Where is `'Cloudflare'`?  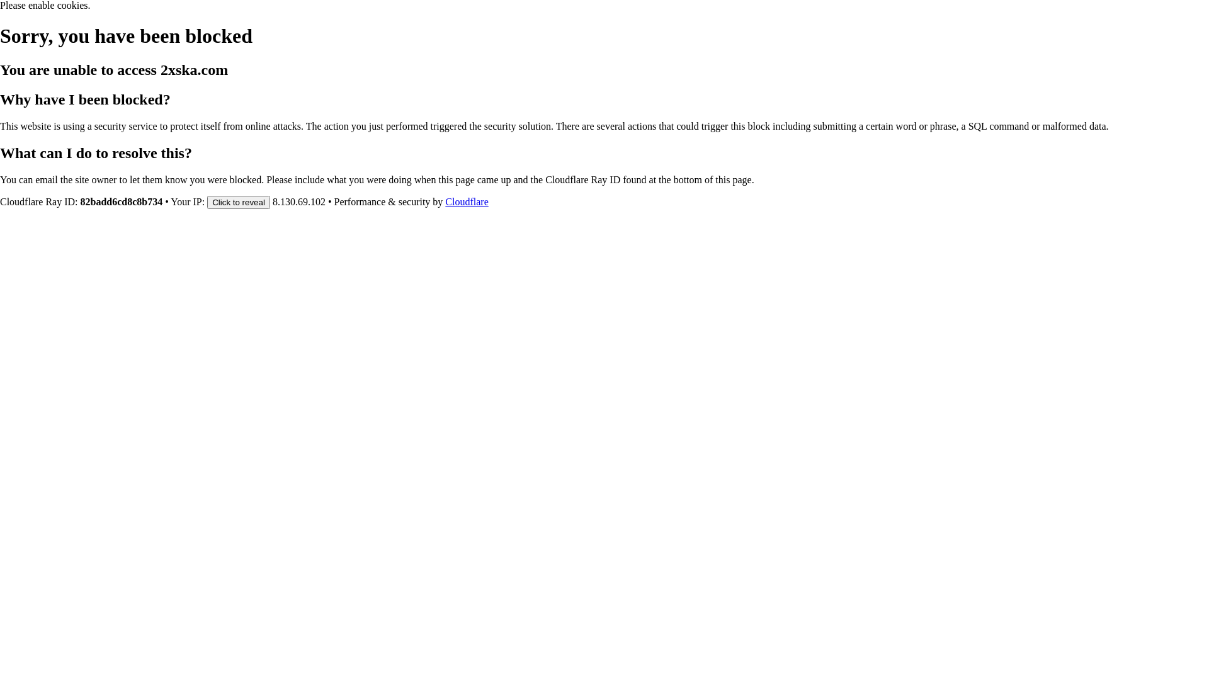
'Cloudflare' is located at coordinates (445, 201).